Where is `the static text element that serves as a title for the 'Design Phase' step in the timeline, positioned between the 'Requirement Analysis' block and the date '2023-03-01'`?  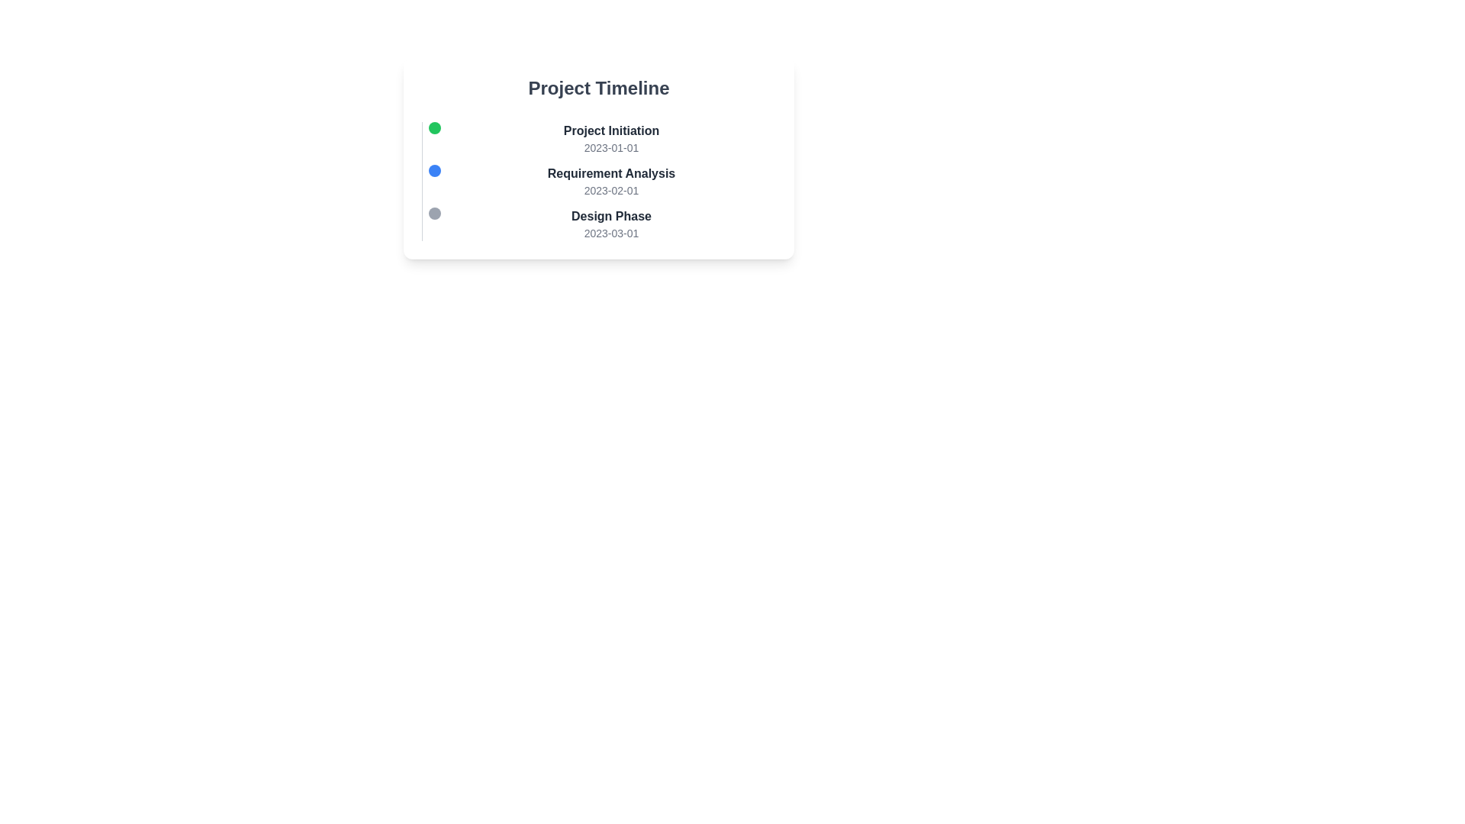 the static text element that serves as a title for the 'Design Phase' step in the timeline, positioned between the 'Requirement Analysis' block and the date '2023-03-01' is located at coordinates (611, 217).